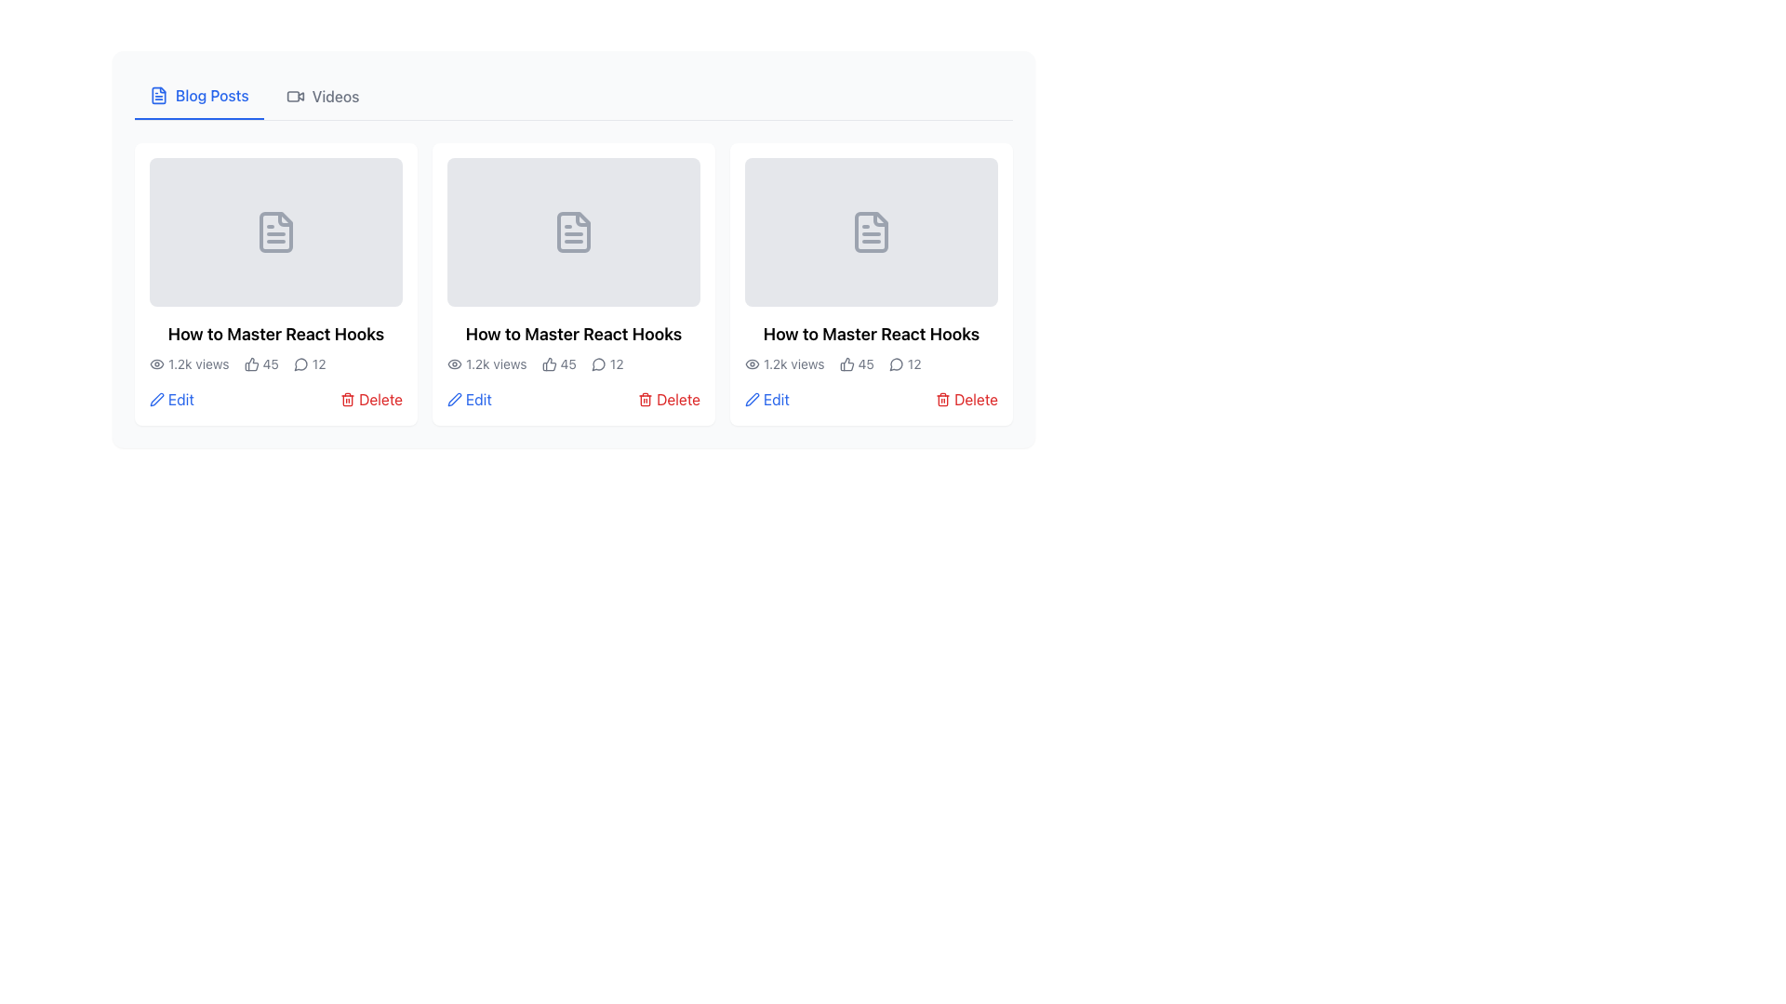  What do you see at coordinates (573, 231) in the screenshot?
I see `the gray document icon located in the upper half of the second blog post preview card, which features a dog-eared corner and is visually central within its card` at bounding box center [573, 231].